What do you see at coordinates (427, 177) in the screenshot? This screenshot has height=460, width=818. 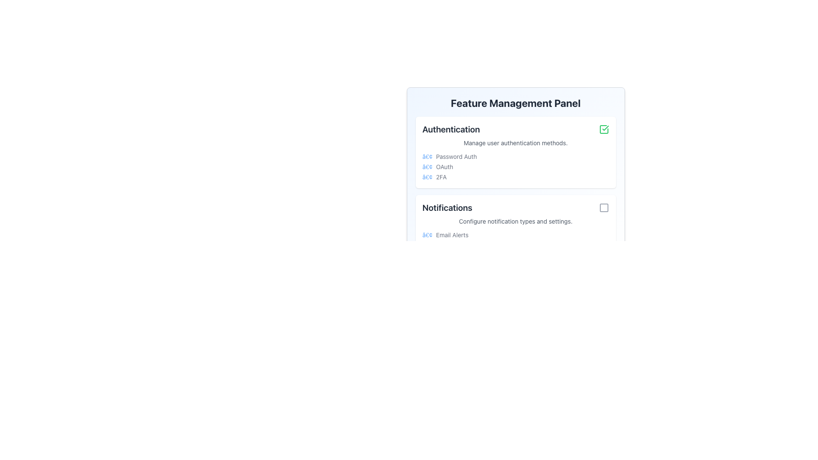 I see `the blue bullet point in the list item labeled '2FA' under the 'Authentication' section` at bounding box center [427, 177].